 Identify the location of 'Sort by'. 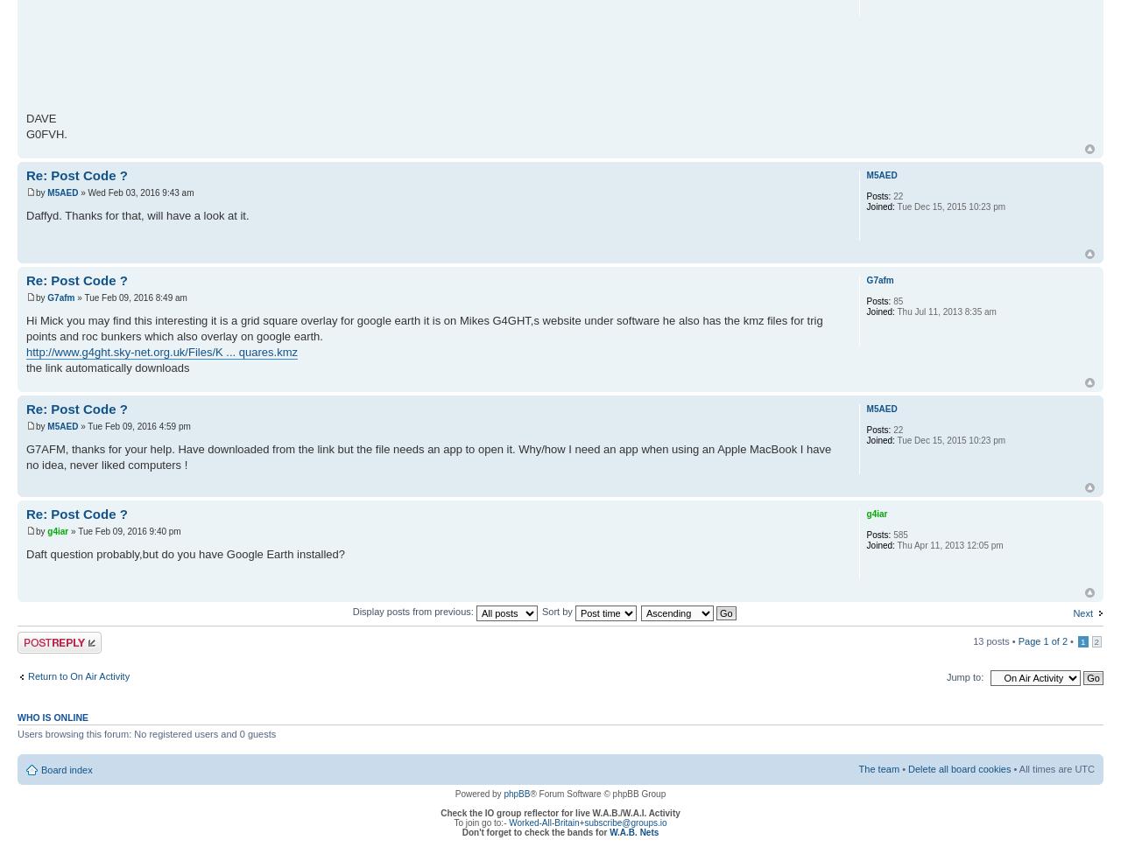
(557, 612).